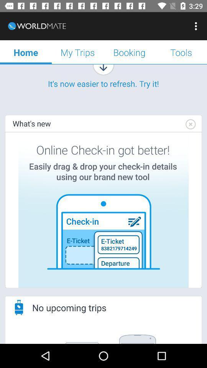  I want to click on item on the right, so click(190, 124).